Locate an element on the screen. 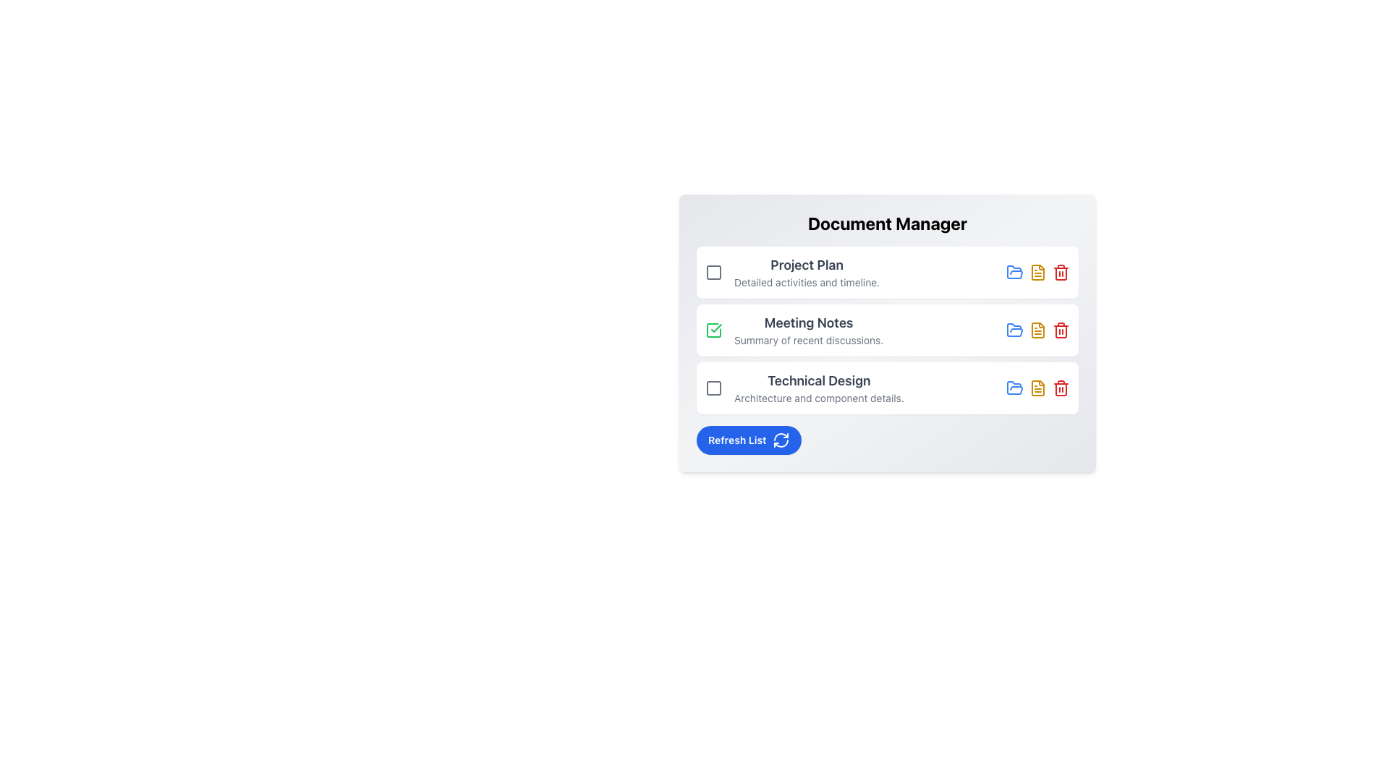 This screenshot has height=781, width=1389. text content of the label titled 'Project Plan' with the subtitle 'Detailed activities and timeline', located in the Document Manager section is located at coordinates (791, 273).